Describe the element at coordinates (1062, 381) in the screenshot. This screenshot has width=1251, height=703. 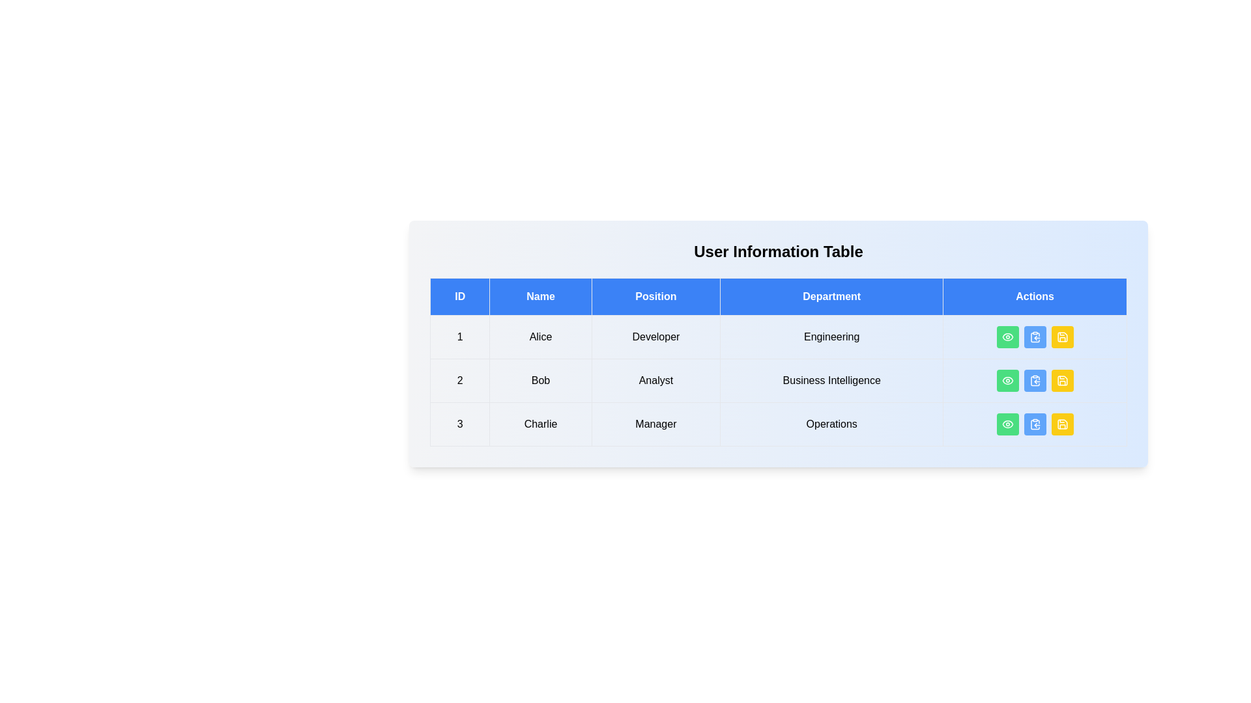
I see `the save button for the user with ID 2` at that location.